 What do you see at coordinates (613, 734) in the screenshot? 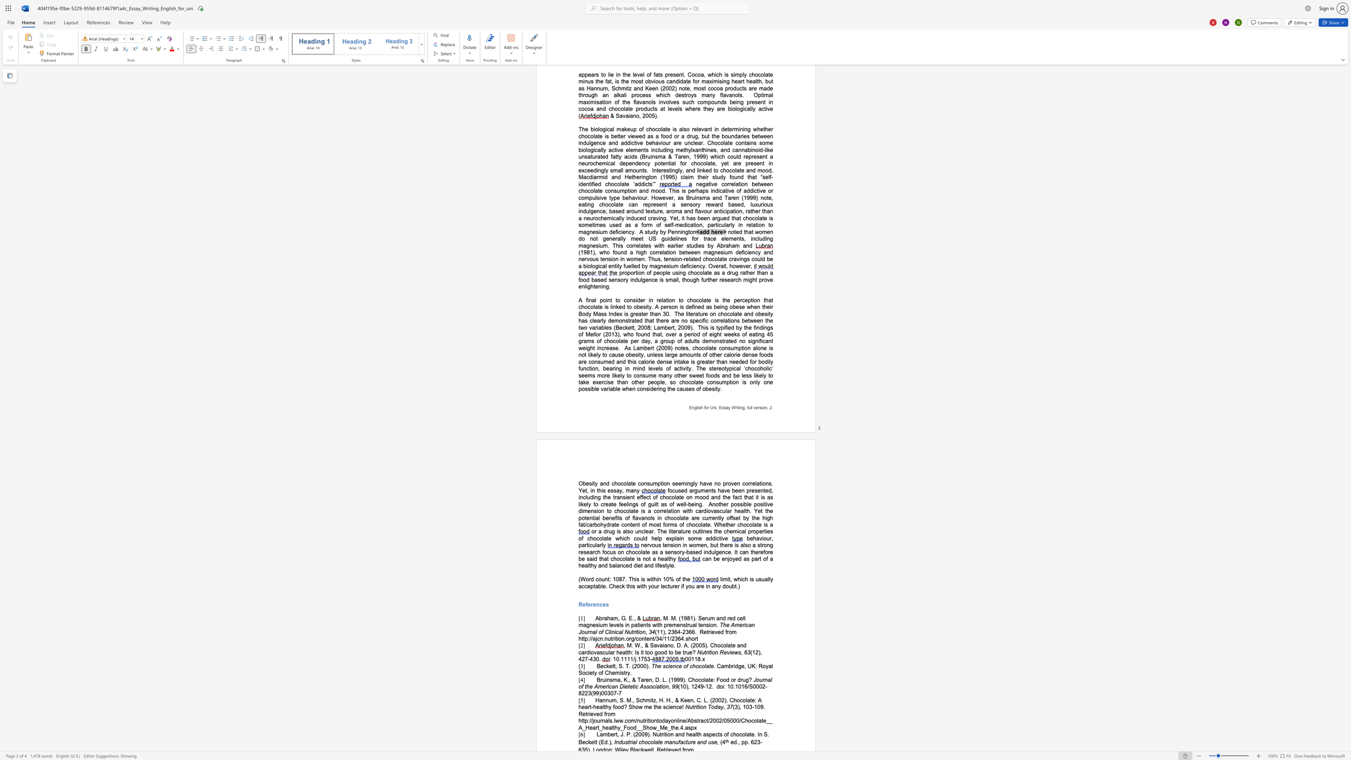
I see `the subset text "rt, J. P. (2009)." within the text "Lambert, J. P. (2009). Nutrition and health aspects of chocolate. In S. Beckett (Ed.),"` at bounding box center [613, 734].